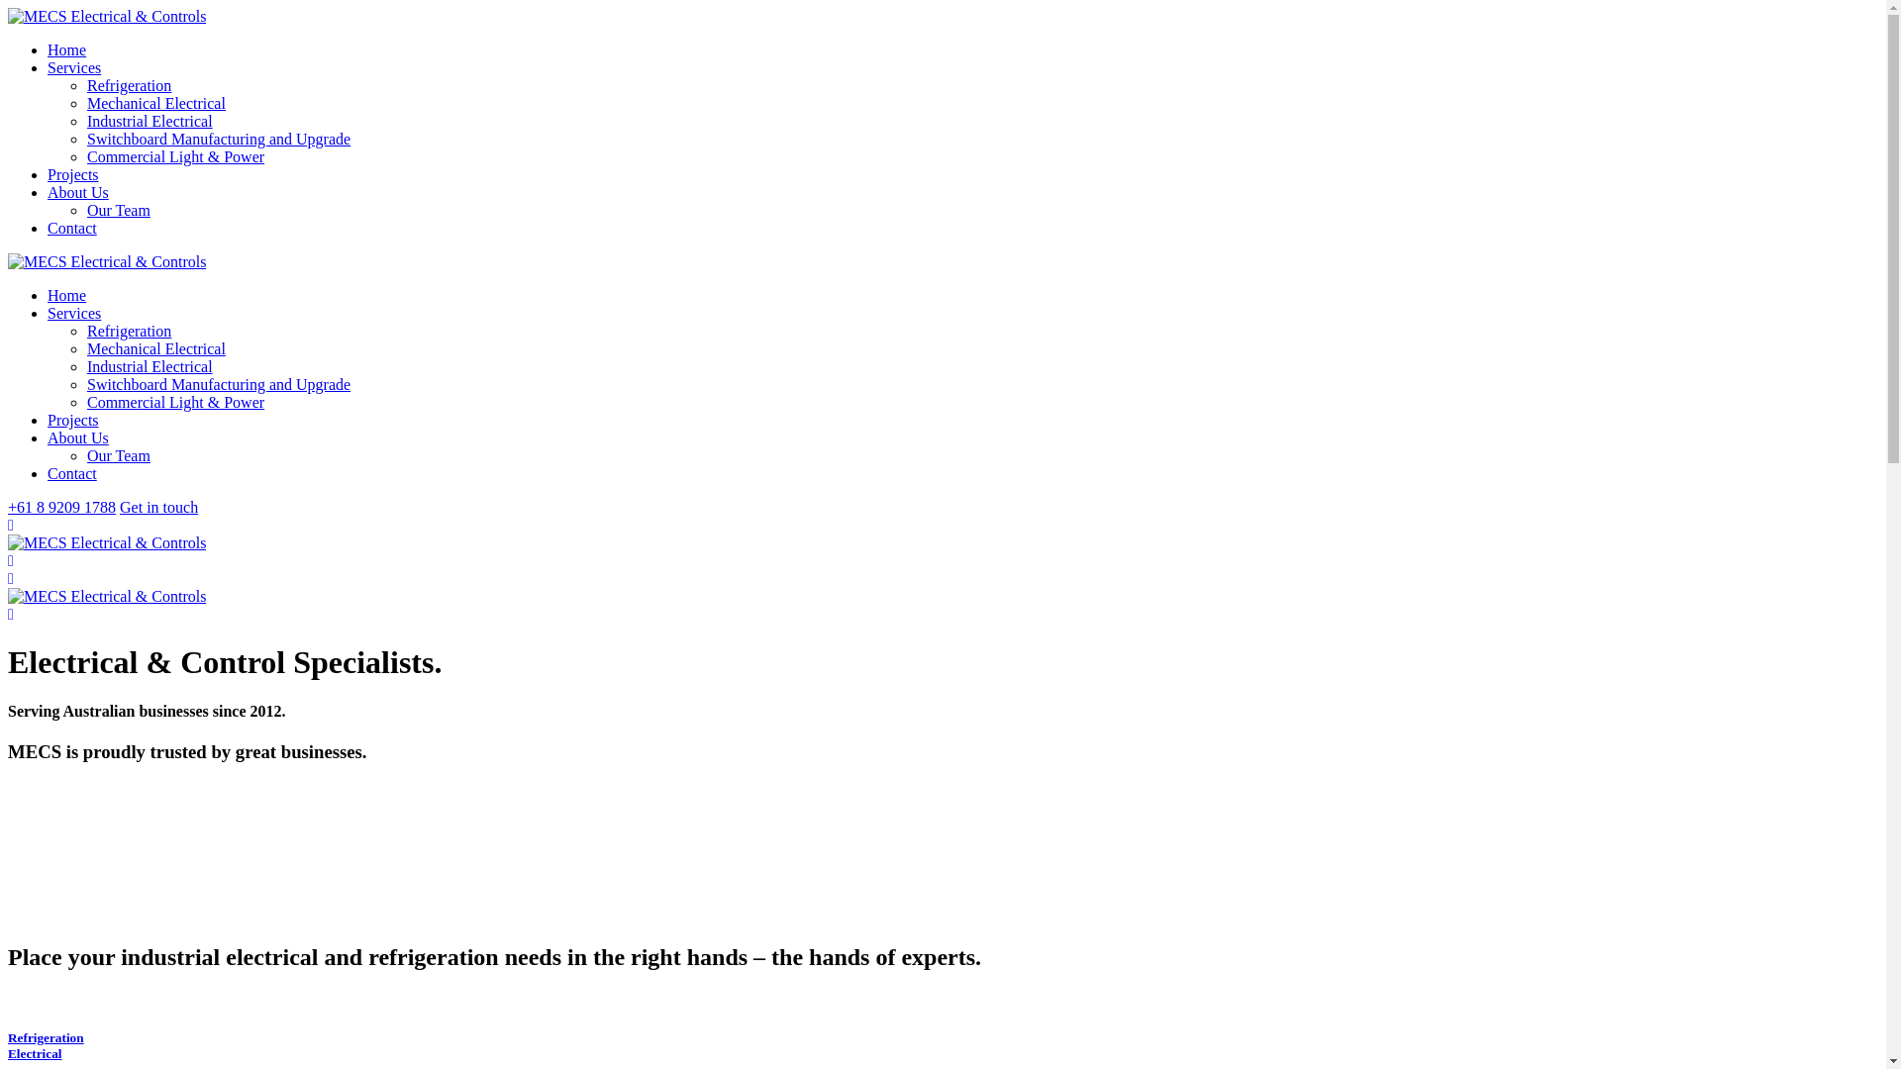 This screenshot has height=1069, width=1901. I want to click on 'Our Team', so click(118, 455).